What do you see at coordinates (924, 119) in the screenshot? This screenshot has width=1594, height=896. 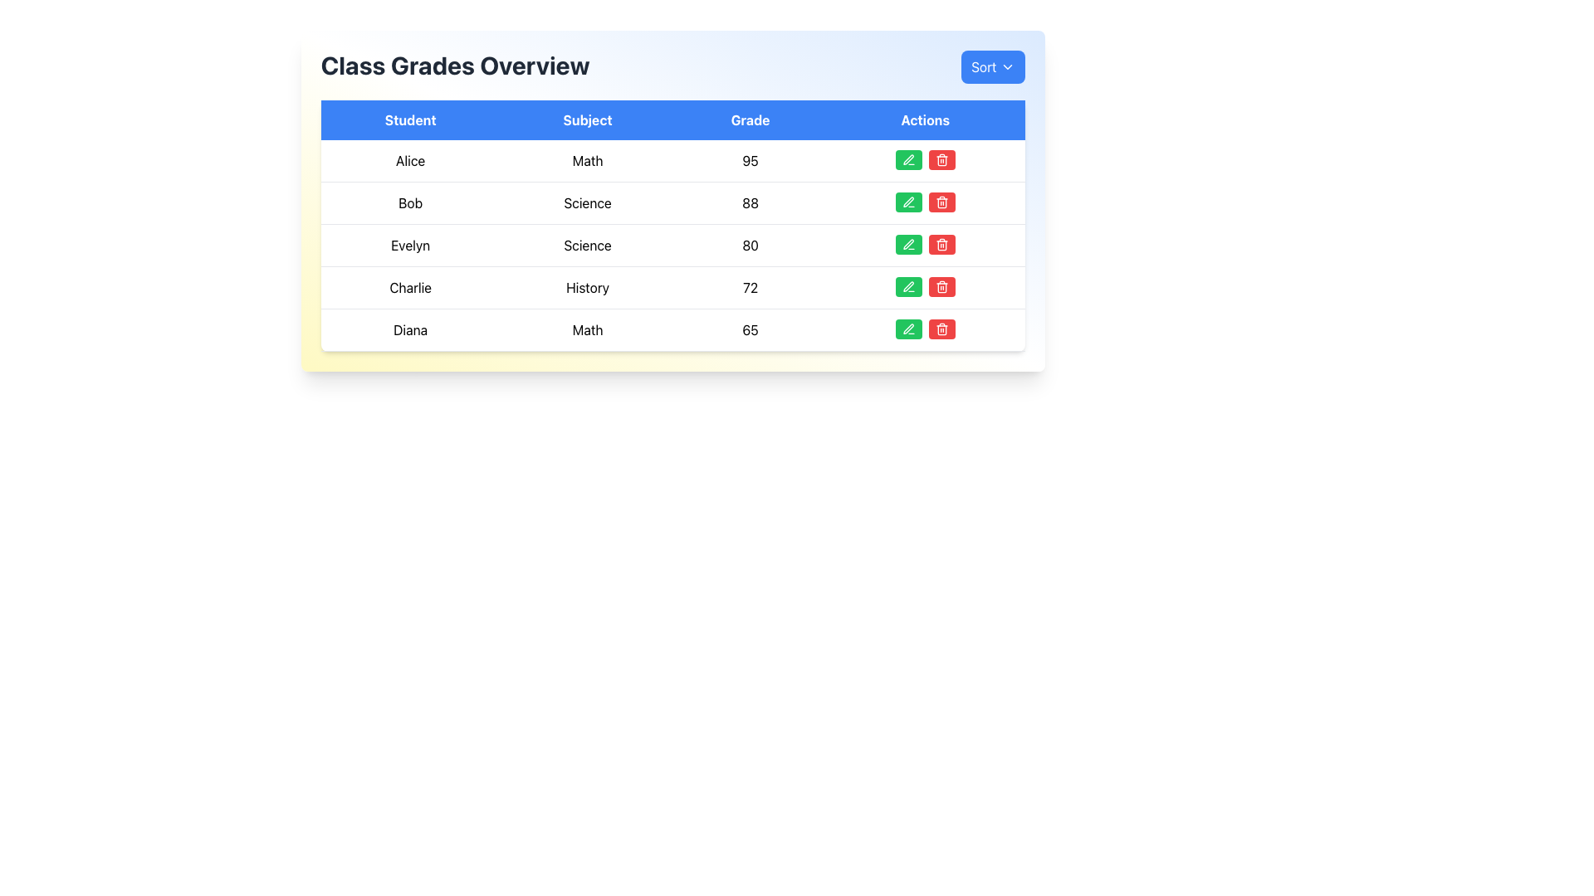 I see `the 'Actions' header in the table, which is the last of four headers including 'Student', 'Subject', and 'Grade'` at bounding box center [924, 119].